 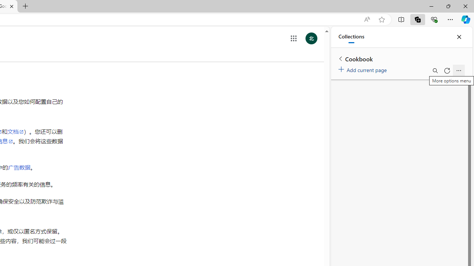 I want to click on 'Back to list of collections', so click(x=340, y=58).